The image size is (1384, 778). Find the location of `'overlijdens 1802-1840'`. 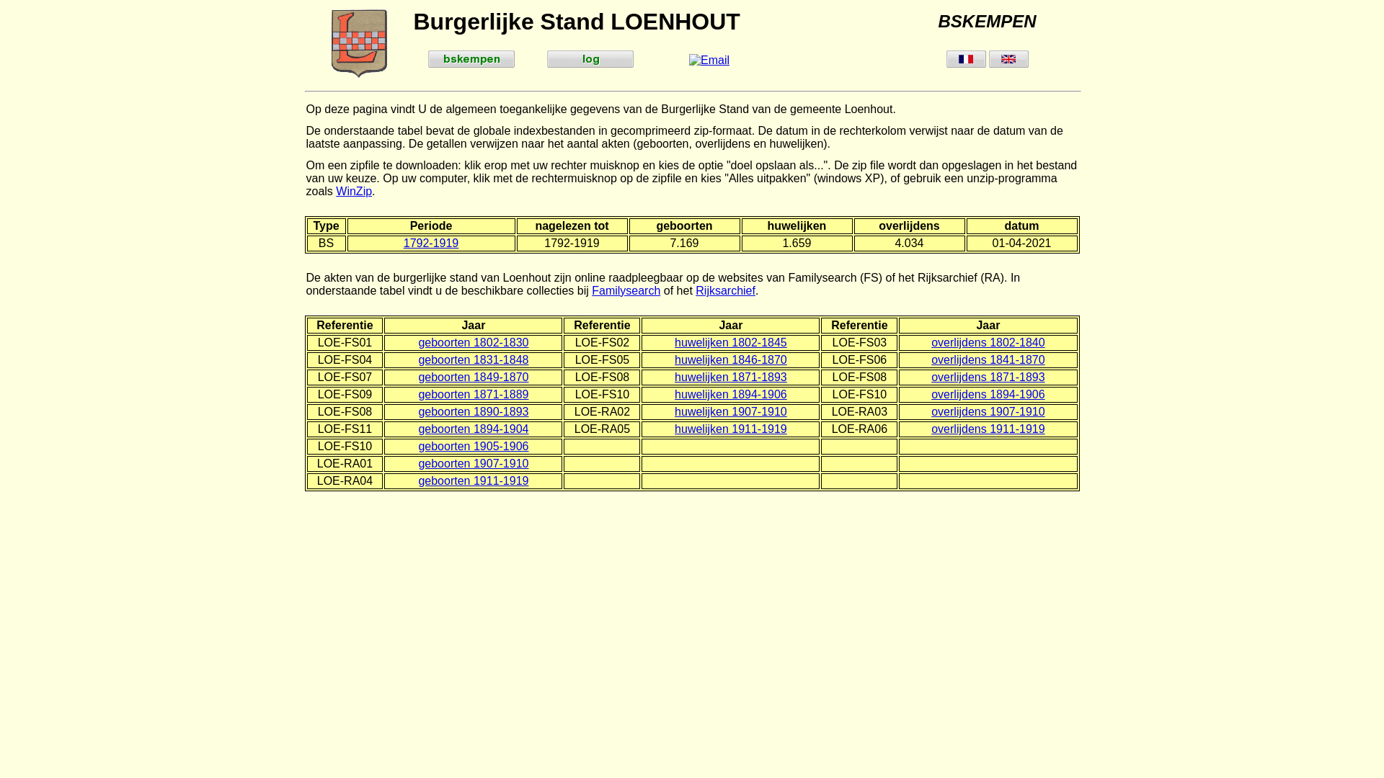

'overlijdens 1802-1840' is located at coordinates (931, 342).